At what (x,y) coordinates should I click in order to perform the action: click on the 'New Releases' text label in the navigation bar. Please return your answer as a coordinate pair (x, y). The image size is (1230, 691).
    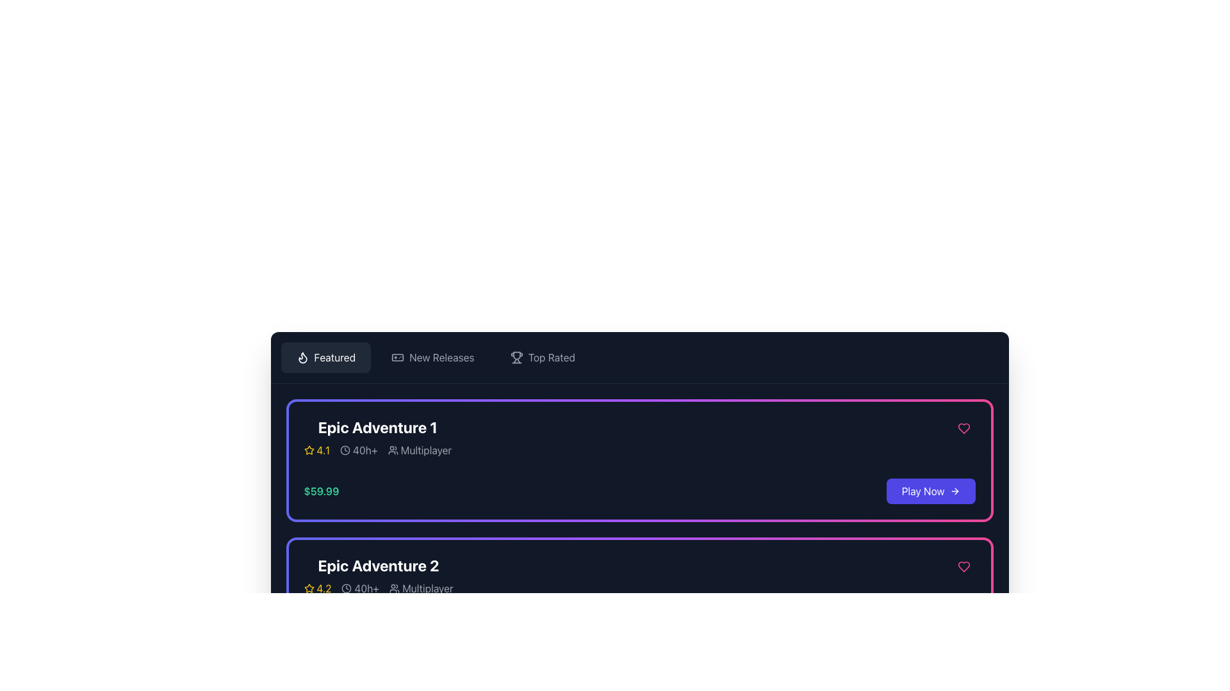
    Looking at the image, I should click on (441, 358).